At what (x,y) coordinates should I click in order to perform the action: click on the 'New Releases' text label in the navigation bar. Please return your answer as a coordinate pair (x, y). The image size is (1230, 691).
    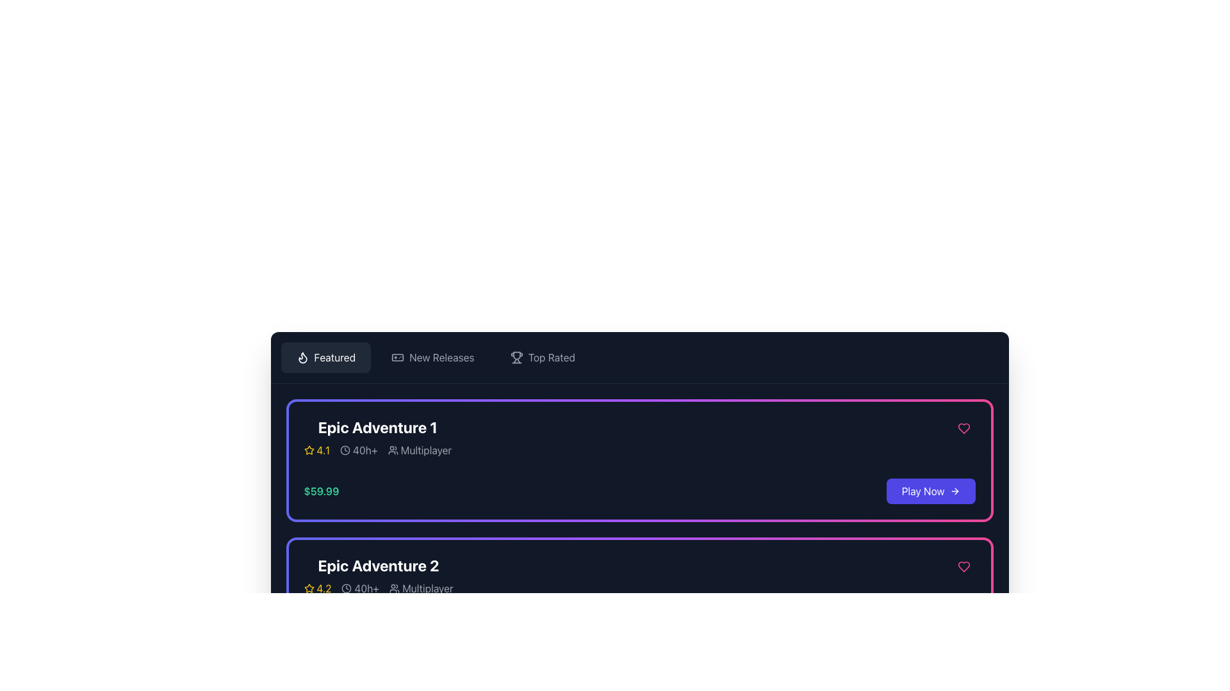
    Looking at the image, I should click on (441, 358).